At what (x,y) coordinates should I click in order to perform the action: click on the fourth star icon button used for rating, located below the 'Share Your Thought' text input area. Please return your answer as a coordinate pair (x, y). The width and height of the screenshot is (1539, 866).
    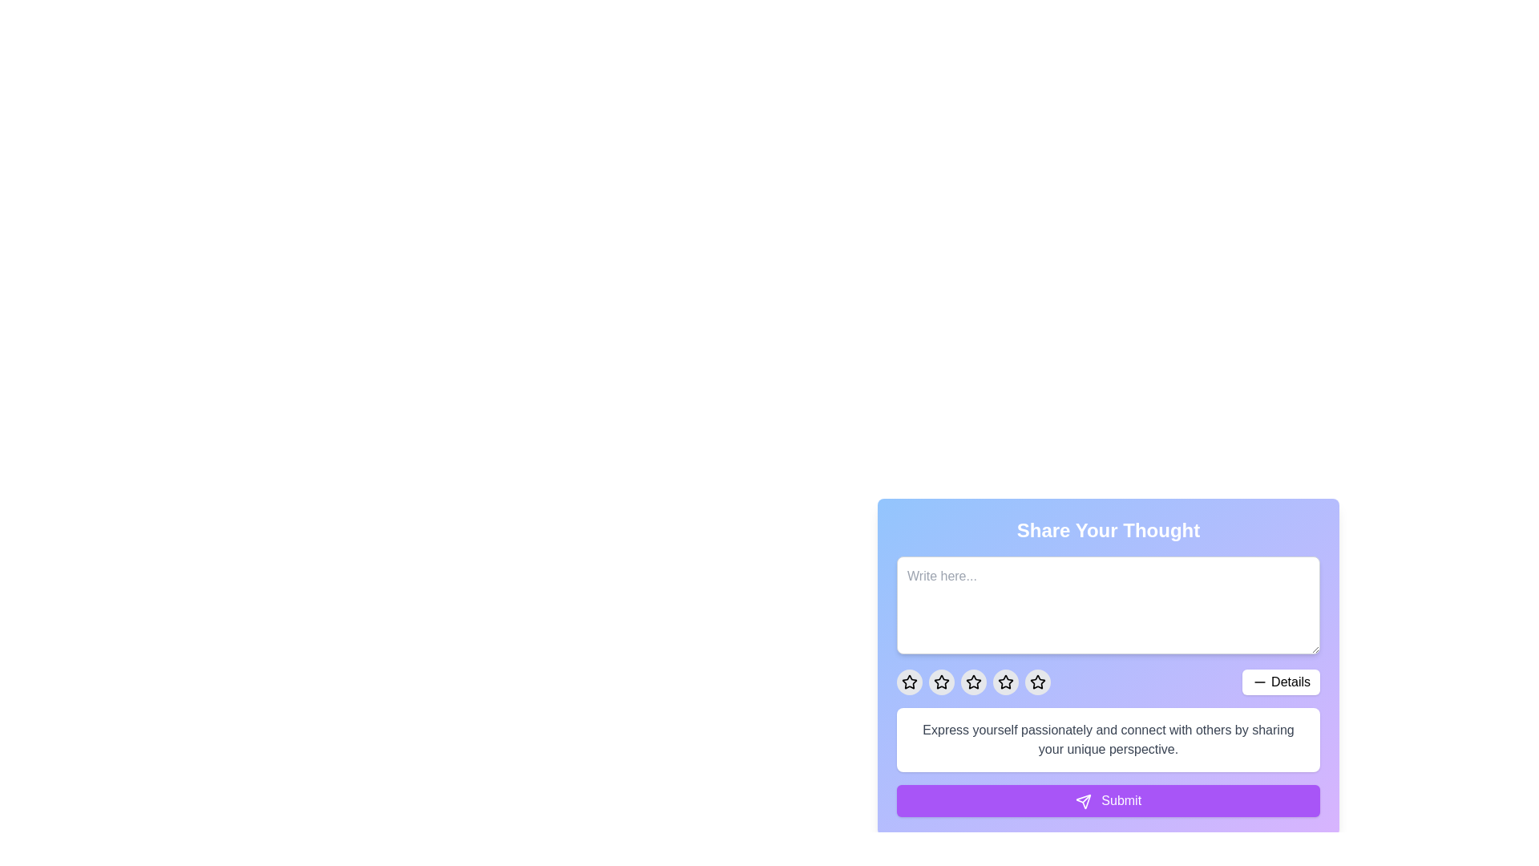
    Looking at the image, I should click on (1004, 682).